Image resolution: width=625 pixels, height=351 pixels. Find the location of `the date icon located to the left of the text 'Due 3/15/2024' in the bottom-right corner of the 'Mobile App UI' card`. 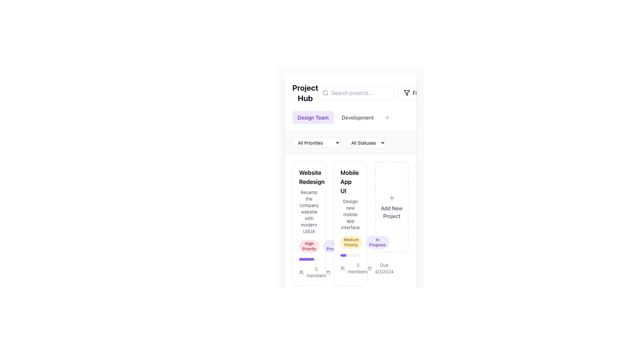

the date icon located to the left of the text 'Due 3/15/2024' in the bottom-right corner of the 'Mobile App UI' card is located at coordinates (328, 272).